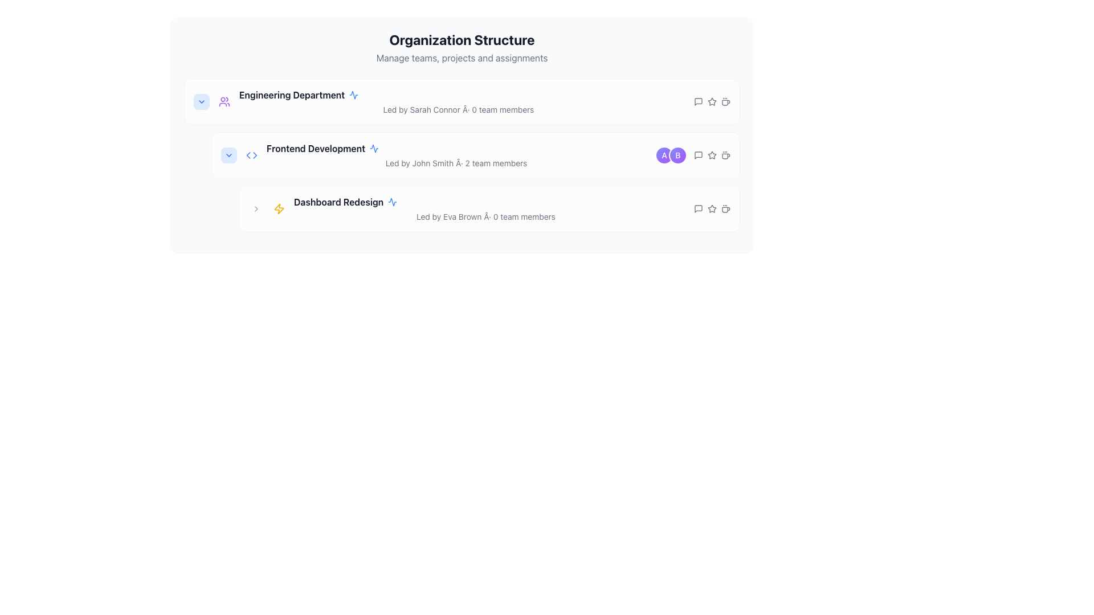 This screenshot has width=1094, height=615. Describe the element at coordinates (251, 155) in the screenshot. I see `the blue code snippet icon in the 'Frontend Development' section, which is located between a dropdown button and the title text 'Frontend Development'` at that location.